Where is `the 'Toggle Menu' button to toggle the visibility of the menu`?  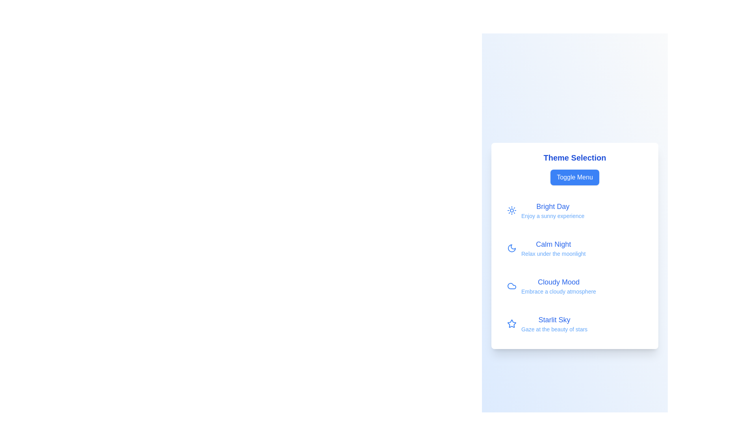 the 'Toggle Menu' button to toggle the visibility of the menu is located at coordinates (574, 177).